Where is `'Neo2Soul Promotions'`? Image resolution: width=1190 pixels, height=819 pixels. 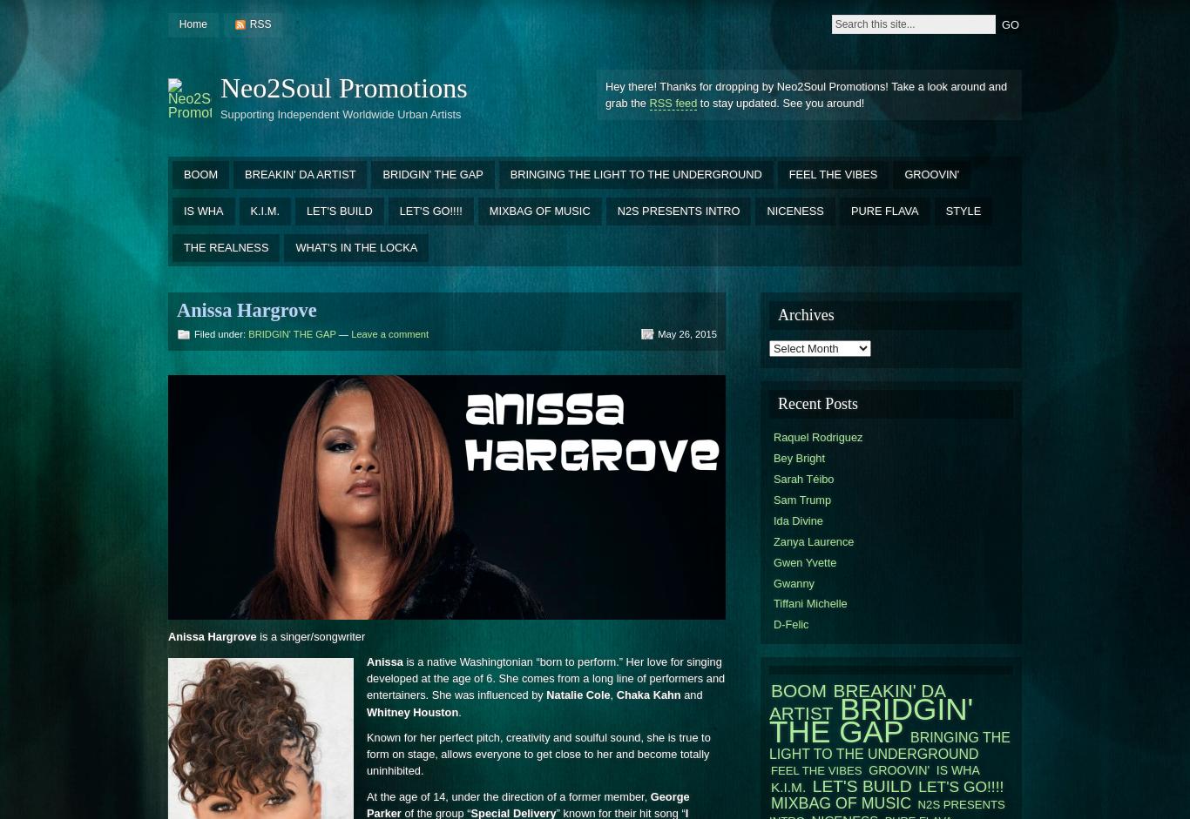
'Neo2Soul Promotions' is located at coordinates (342, 87).